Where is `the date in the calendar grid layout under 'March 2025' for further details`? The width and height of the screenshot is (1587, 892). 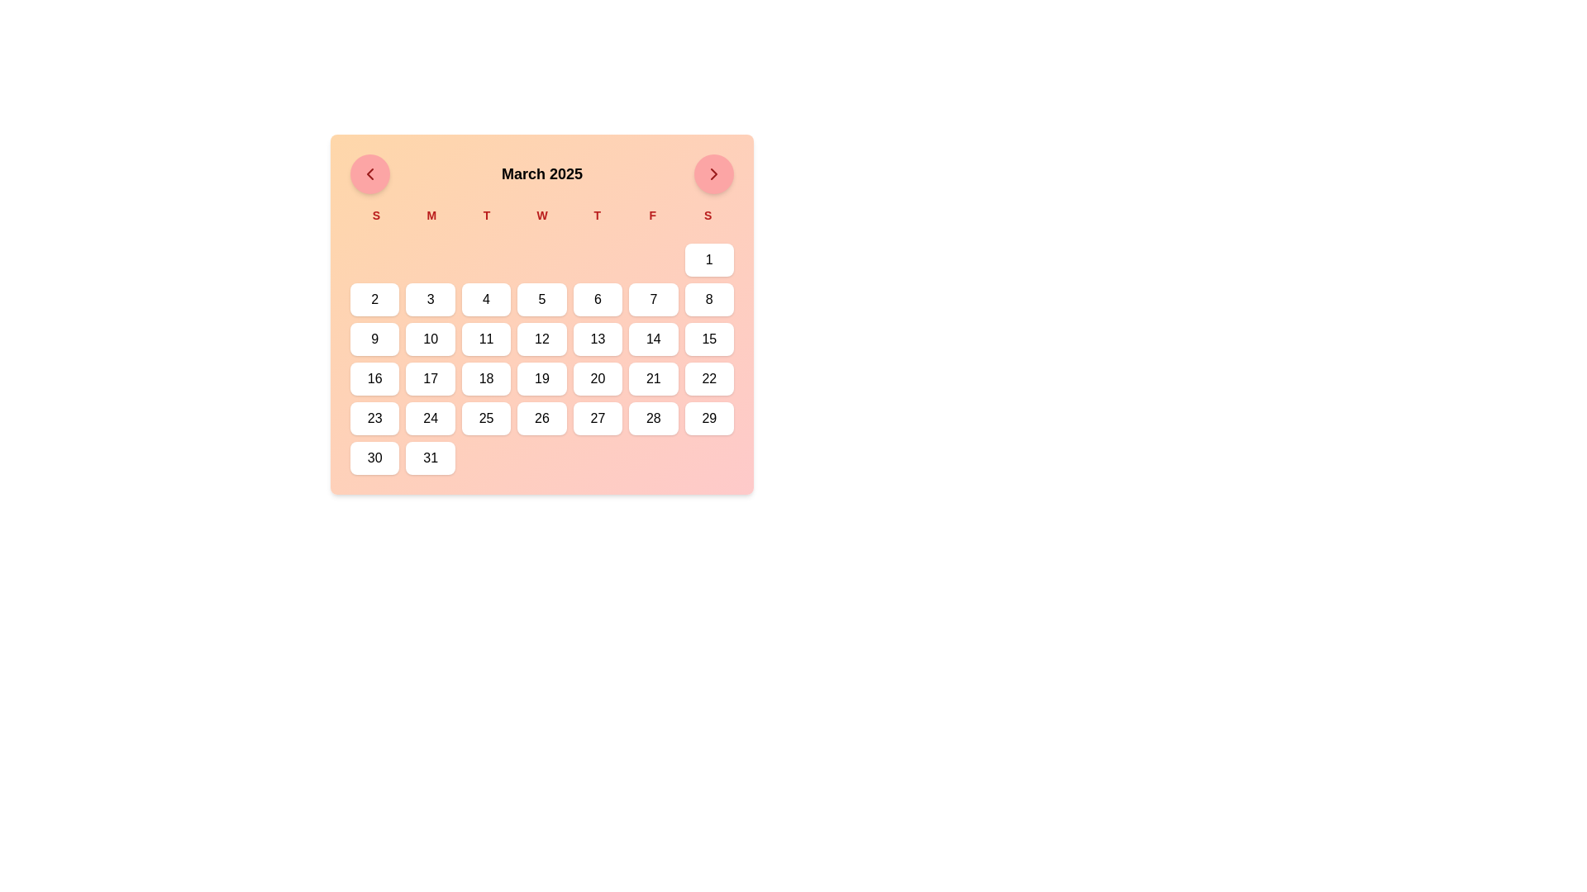
the date in the calendar grid layout under 'March 2025' for further details is located at coordinates (542, 358).